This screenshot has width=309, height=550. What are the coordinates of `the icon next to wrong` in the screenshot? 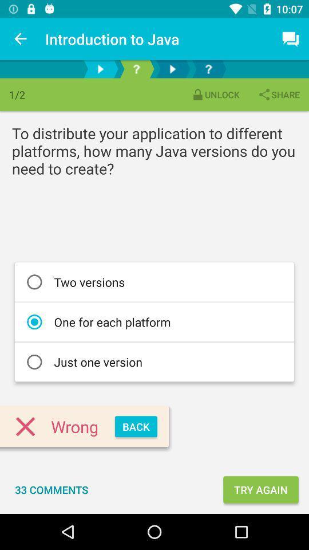 It's located at (136, 426).